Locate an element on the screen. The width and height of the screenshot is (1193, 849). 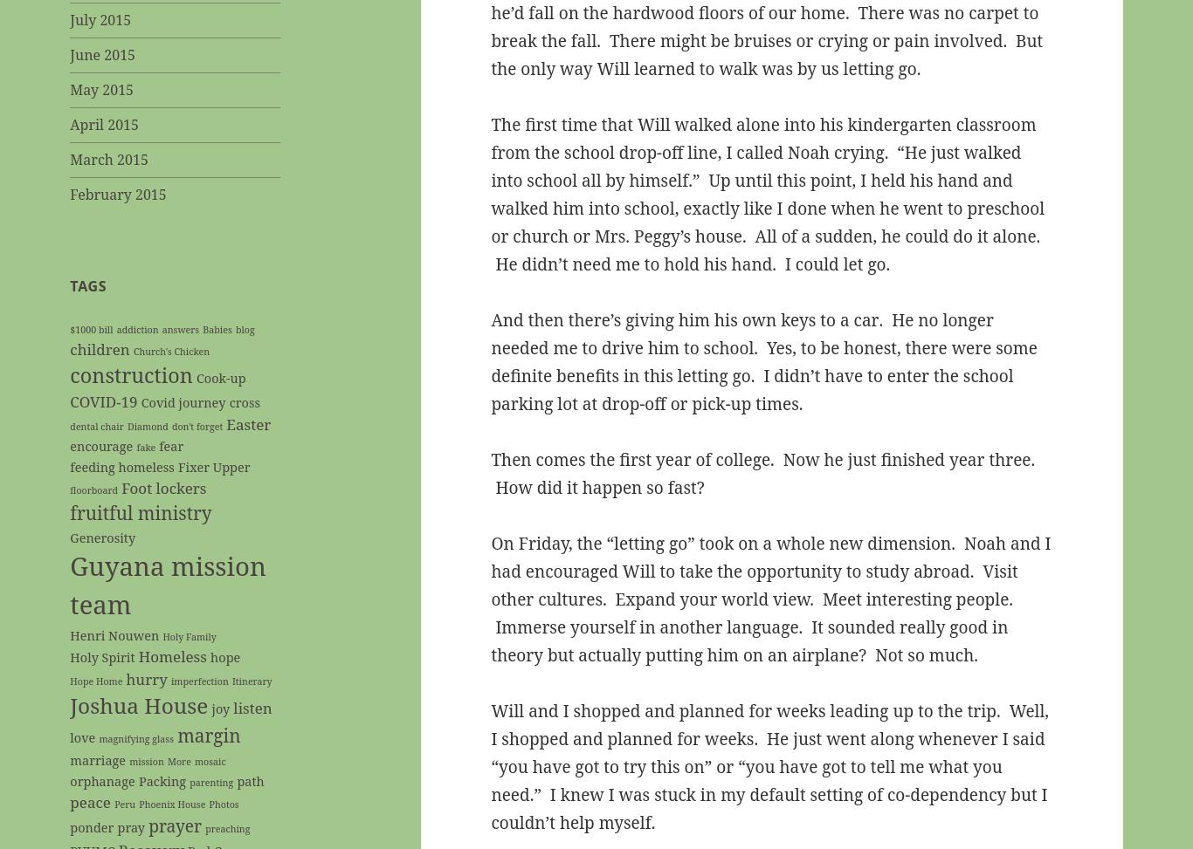
'Tags' is located at coordinates (87, 285).